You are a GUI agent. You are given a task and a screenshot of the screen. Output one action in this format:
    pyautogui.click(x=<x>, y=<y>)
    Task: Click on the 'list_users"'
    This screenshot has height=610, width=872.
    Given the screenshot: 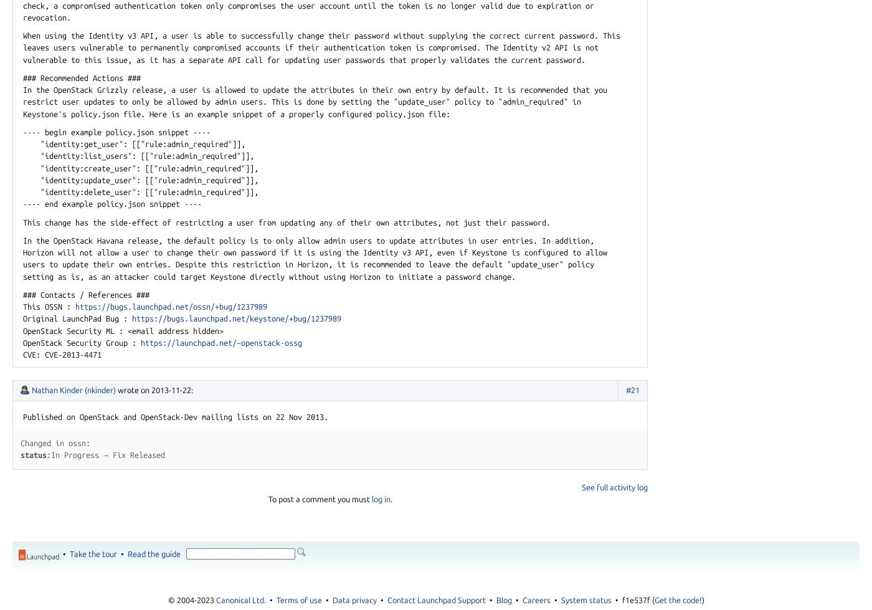 What is the action you would take?
    pyautogui.click(x=108, y=156)
    